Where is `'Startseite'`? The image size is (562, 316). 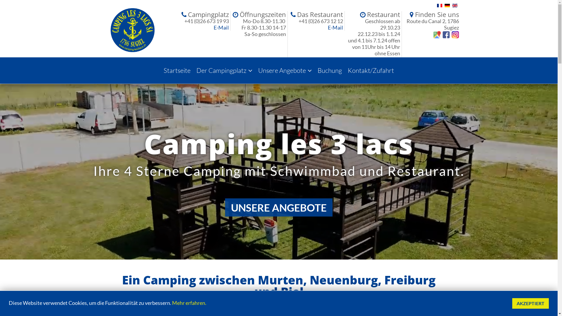
'Startseite' is located at coordinates (177, 70).